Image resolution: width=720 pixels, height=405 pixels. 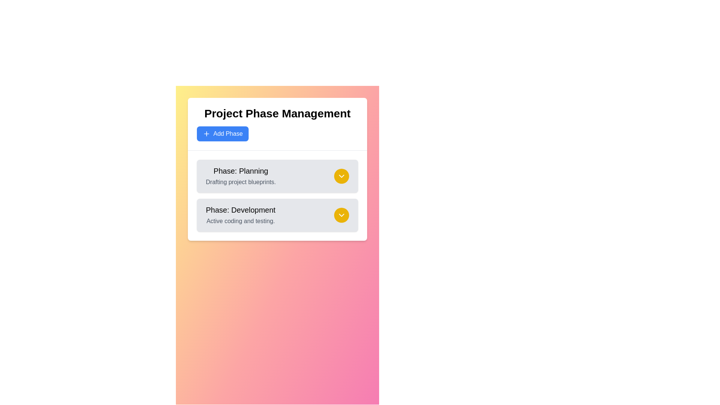 What do you see at coordinates (240, 215) in the screenshot?
I see `the Text block that displays 'Phase: Development' and 'Active coding and testing.' in a light gray box with rounded corners, located as the second card in a vertical list` at bounding box center [240, 215].